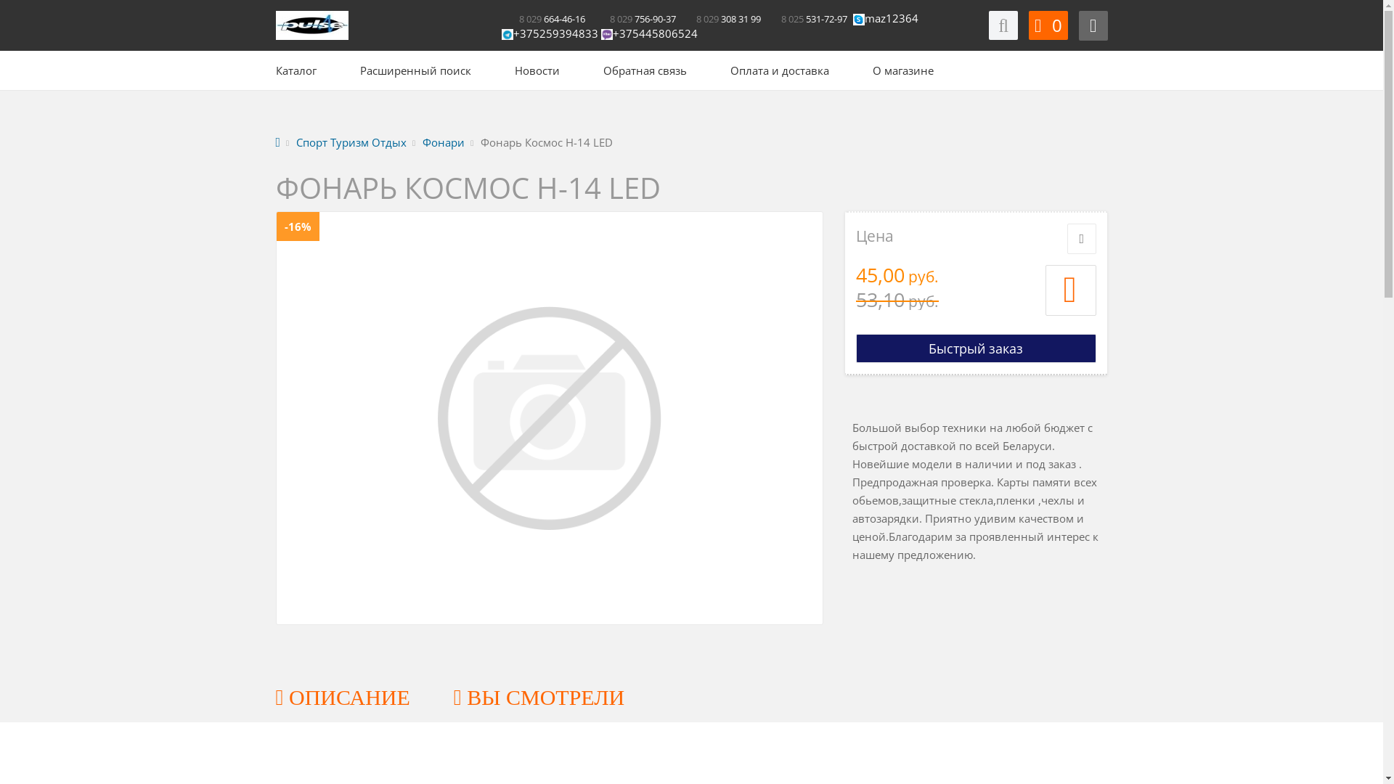 The height and width of the screenshot is (784, 1394). I want to click on '0', so click(1048, 25).